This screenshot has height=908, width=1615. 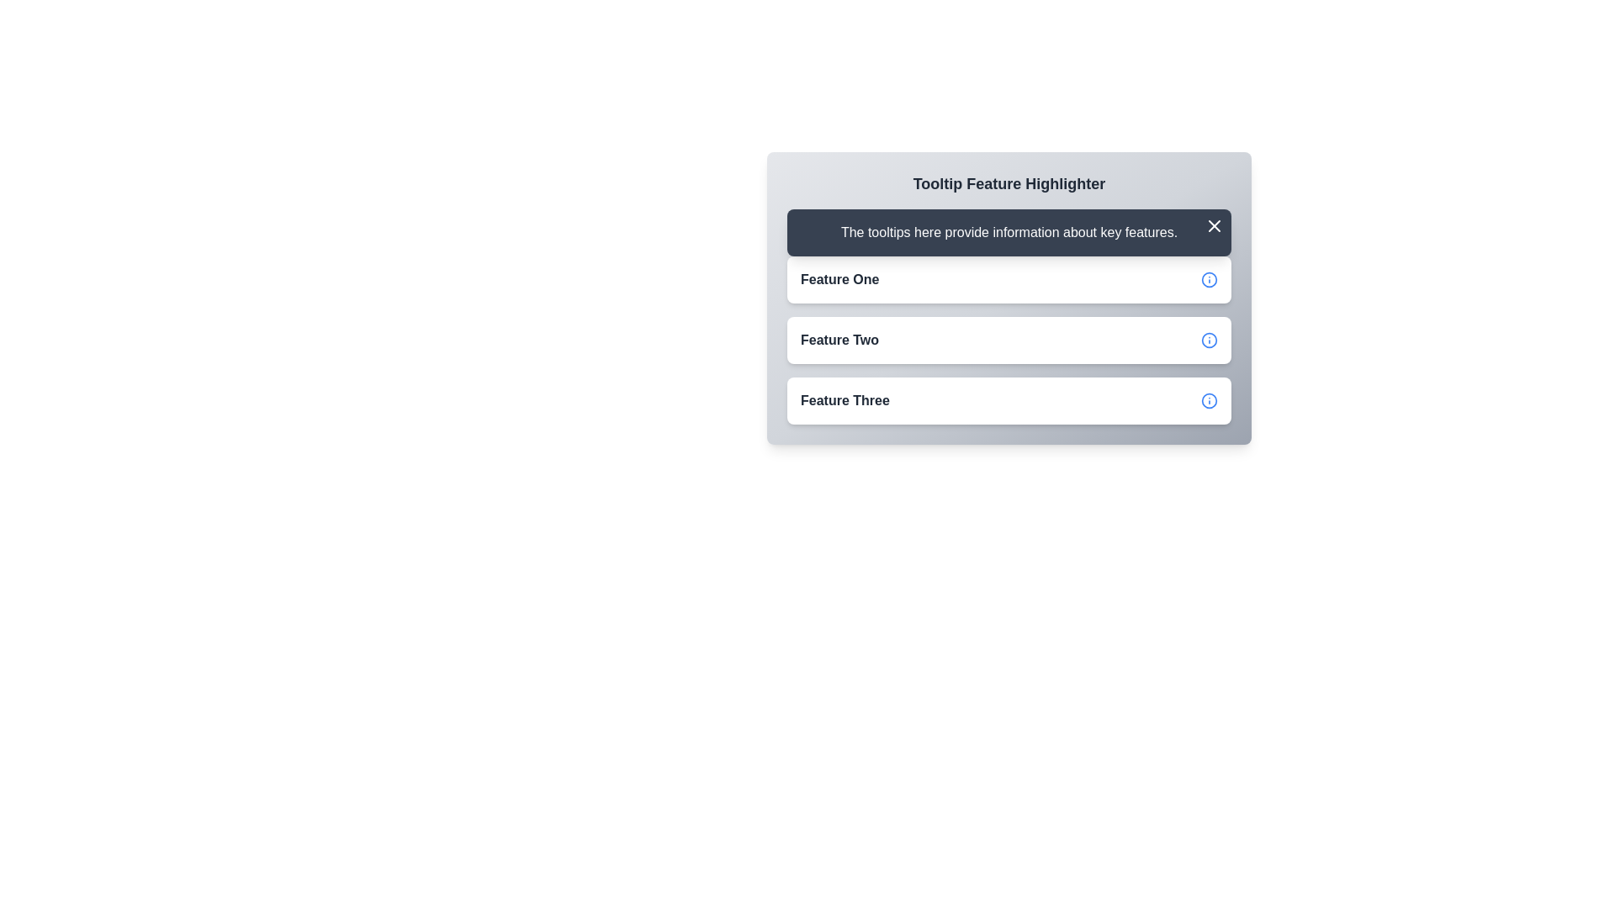 What do you see at coordinates (1215, 225) in the screenshot?
I see `the close button located in the top right corner of the tooltip` at bounding box center [1215, 225].